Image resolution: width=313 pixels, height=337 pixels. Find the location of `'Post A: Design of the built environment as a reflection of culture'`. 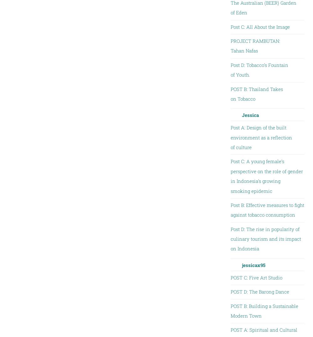

'Post A: Design of the built environment as a reflection of culture' is located at coordinates (230, 137).